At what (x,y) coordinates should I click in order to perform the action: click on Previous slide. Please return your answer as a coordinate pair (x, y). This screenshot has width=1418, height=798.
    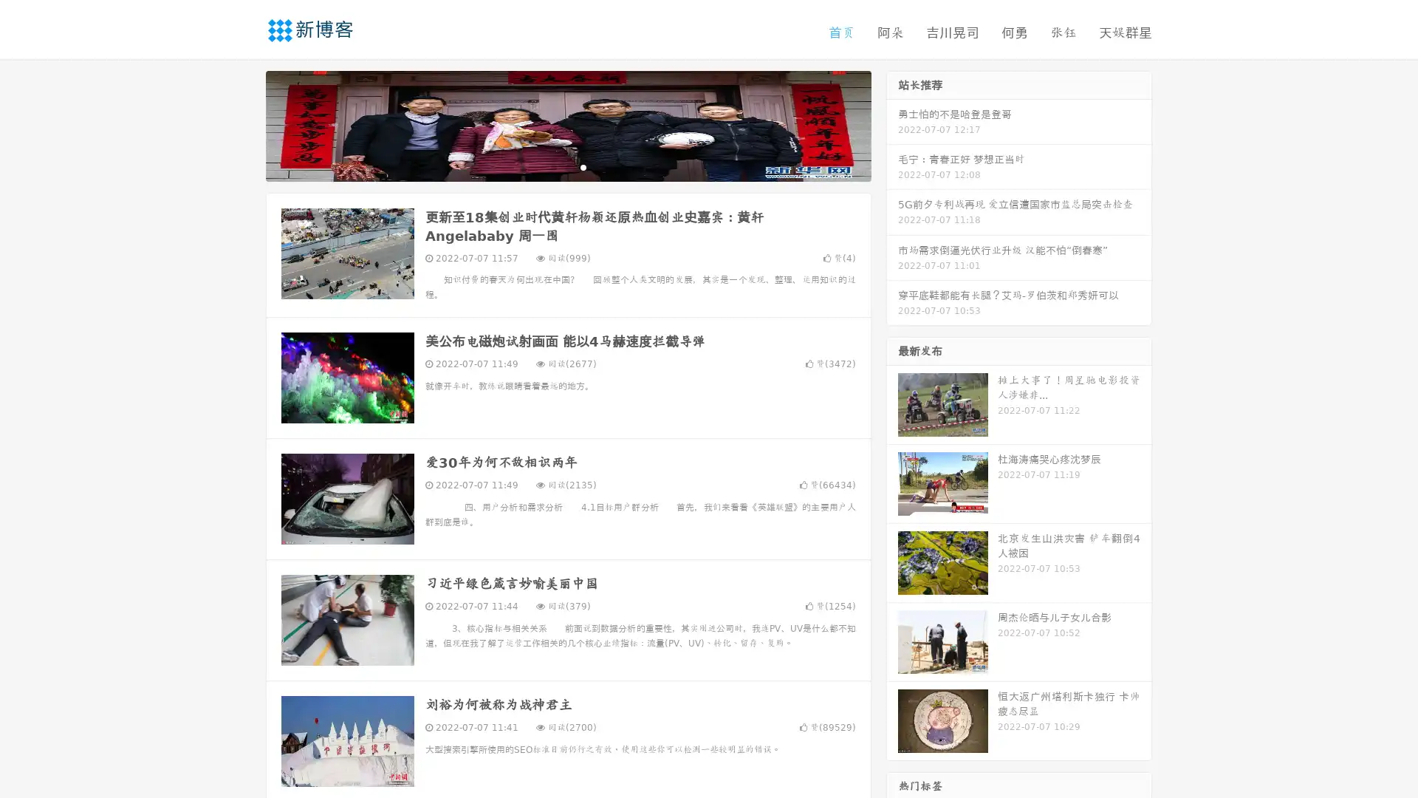
    Looking at the image, I should click on (244, 124).